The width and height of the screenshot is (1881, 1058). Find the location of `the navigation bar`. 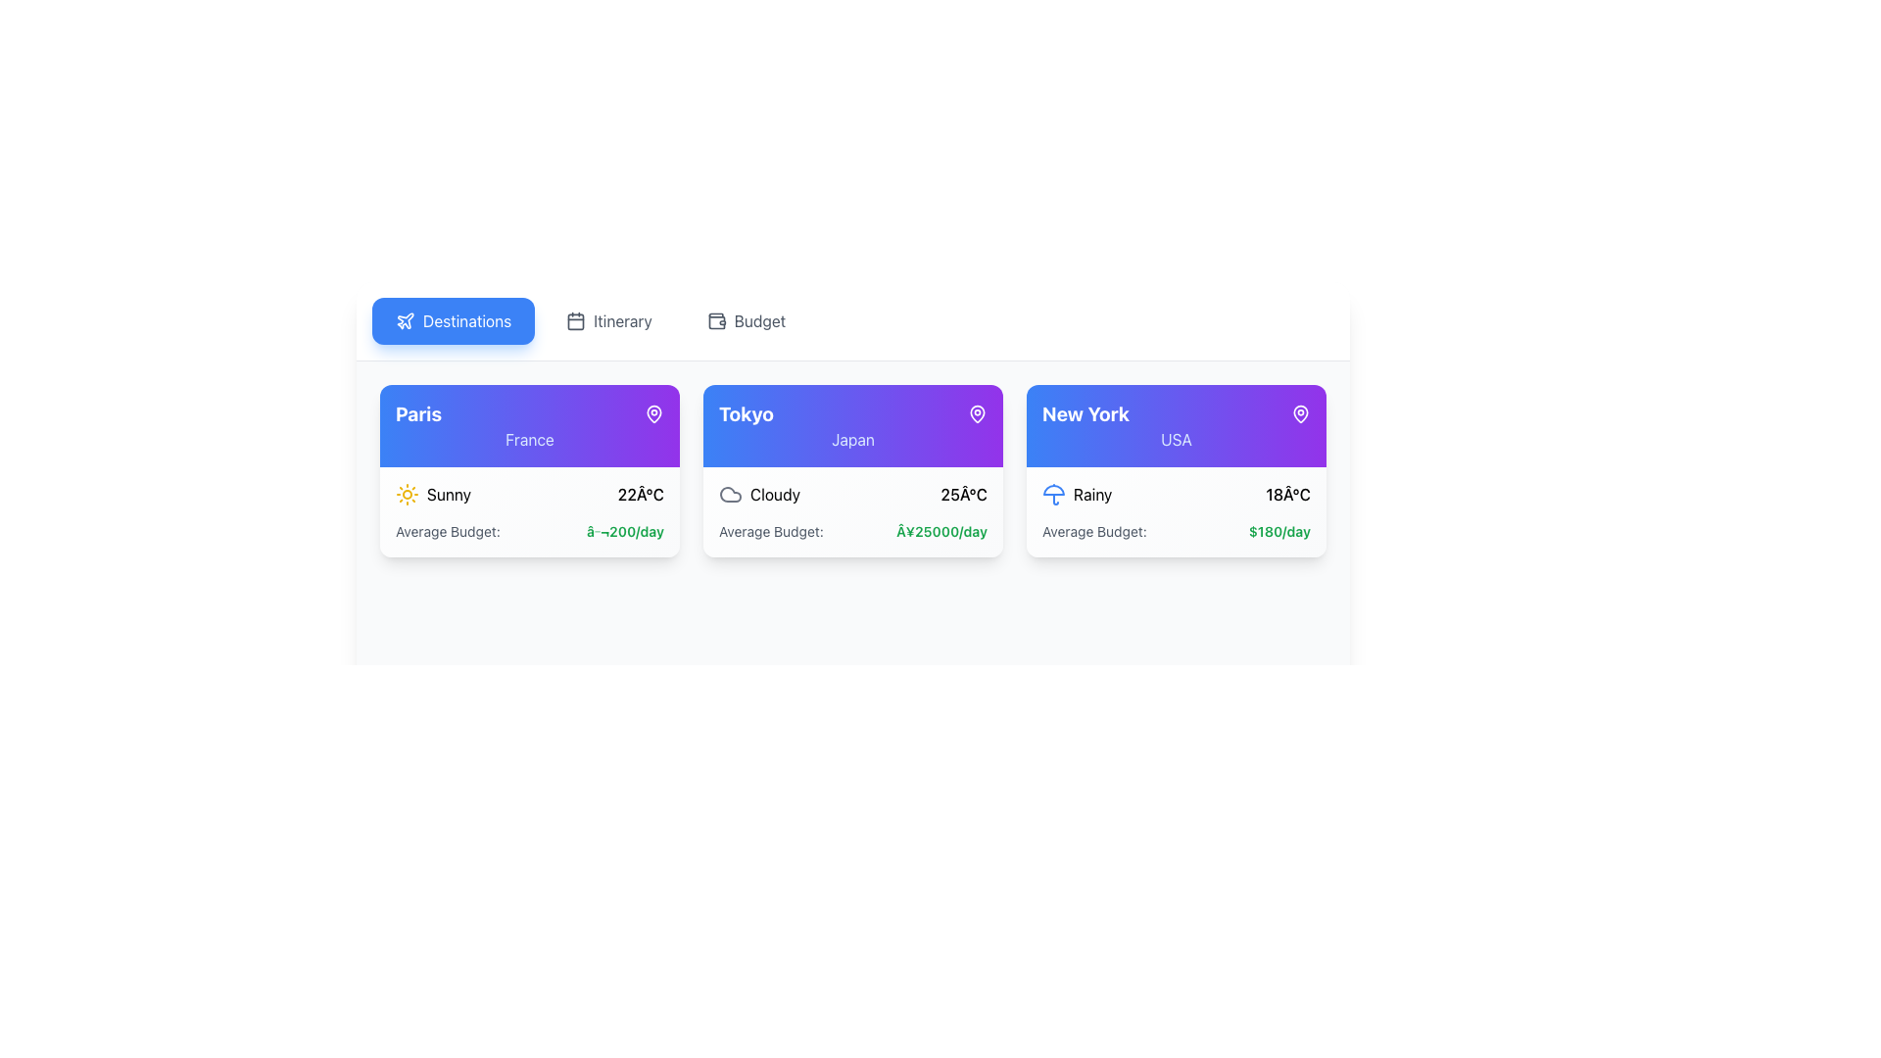

the navigation bar is located at coordinates (852, 320).